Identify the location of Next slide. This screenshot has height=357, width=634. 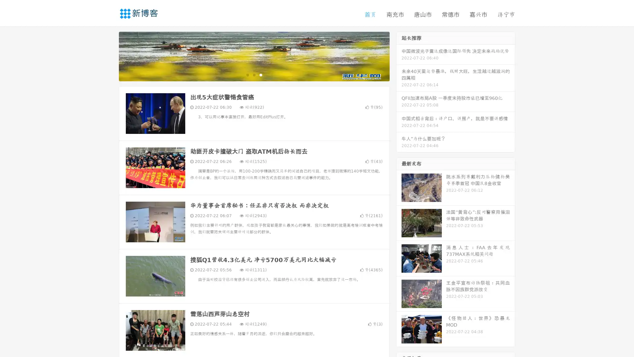
(399, 56).